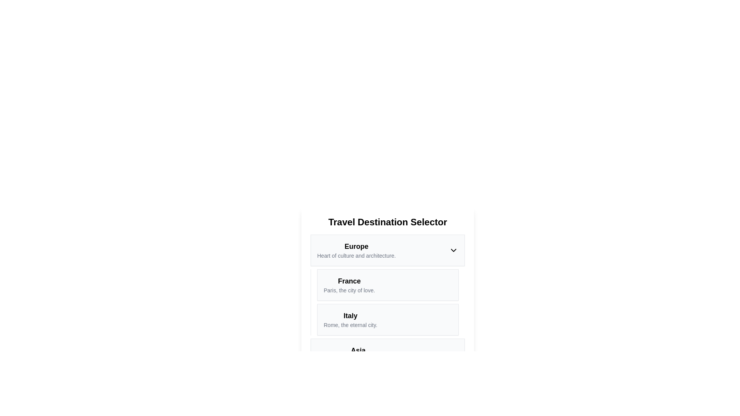 This screenshot has height=416, width=740. What do you see at coordinates (388, 285) in the screenshot?
I see `the details in the Text Box providing information about France, which is located below the 'Europe' section header and above the 'Italy' box` at bounding box center [388, 285].